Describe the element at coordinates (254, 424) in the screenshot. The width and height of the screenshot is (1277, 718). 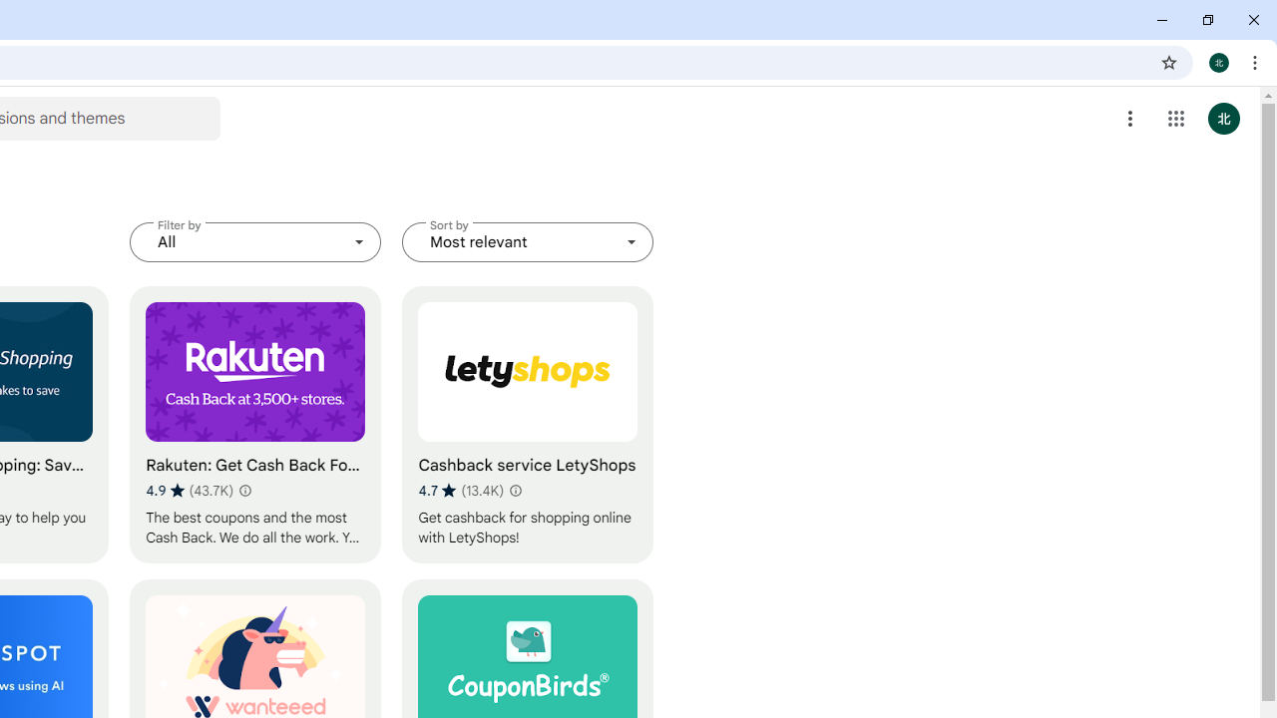
I see `'Rakuten: Get Cash Back For Shopping'` at that location.